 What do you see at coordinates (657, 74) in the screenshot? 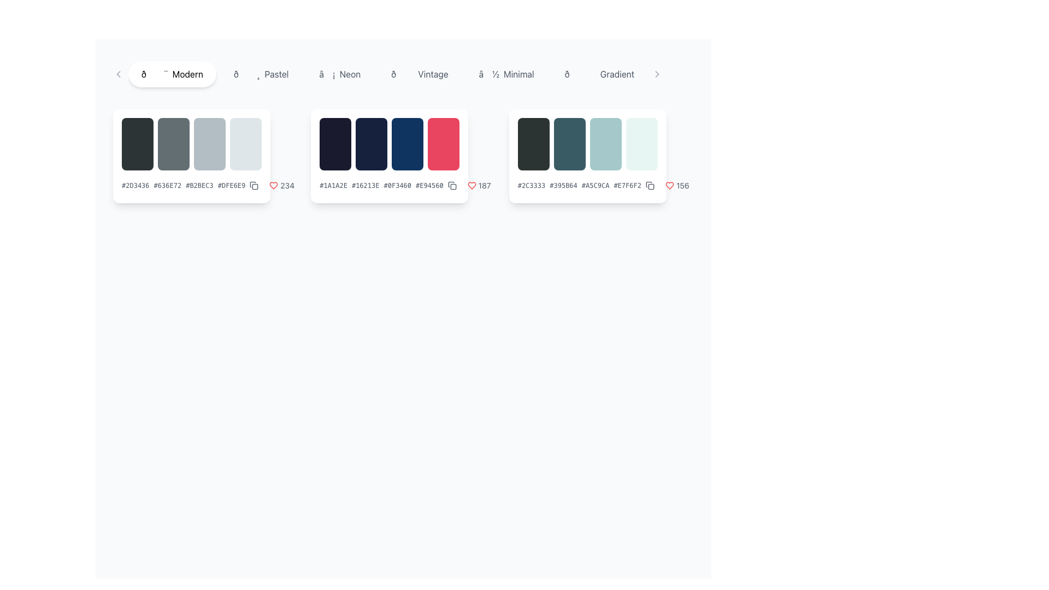
I see `the chevron button located at the far right end of the toolbar next to the 'Gradient' section label` at bounding box center [657, 74].